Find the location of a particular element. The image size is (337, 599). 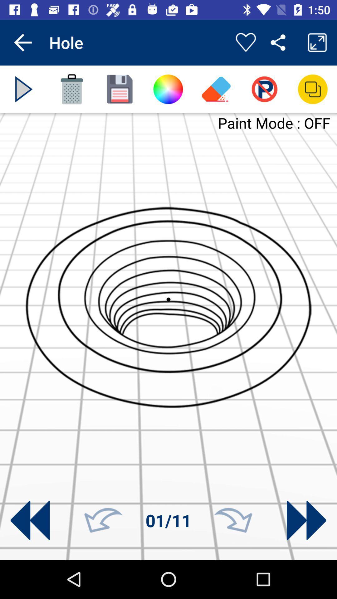

next arrow is located at coordinates (306, 520).